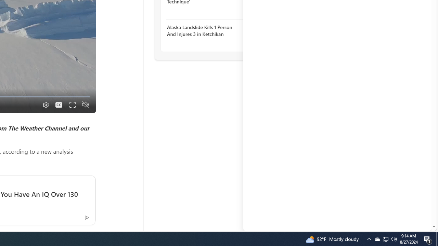 The image size is (438, 246). Describe the element at coordinates (85, 105) in the screenshot. I see `'Unmute'` at that location.